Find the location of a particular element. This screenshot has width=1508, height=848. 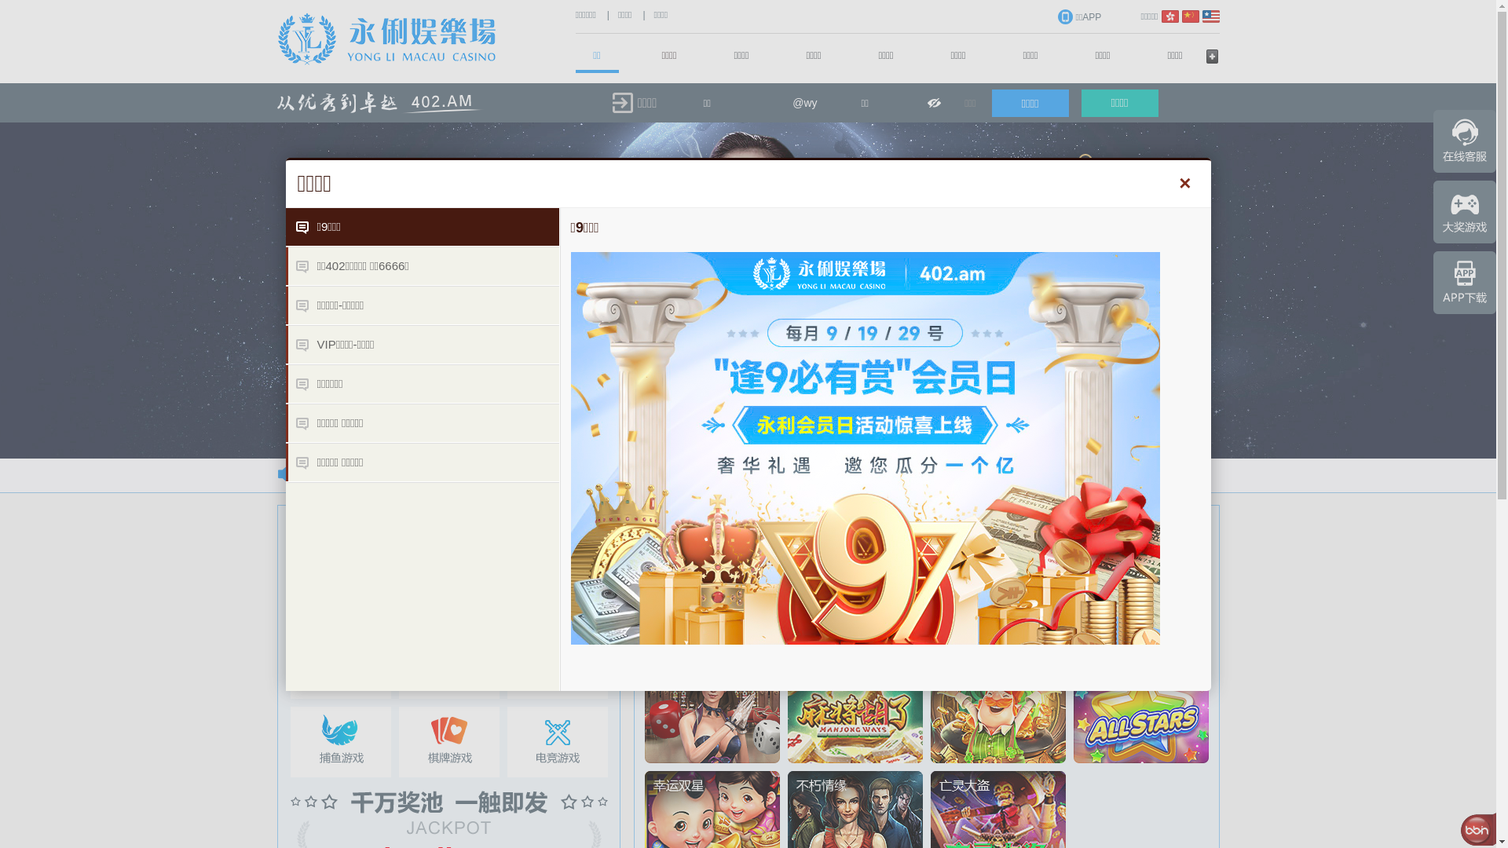

'English' is located at coordinates (1201, 16).